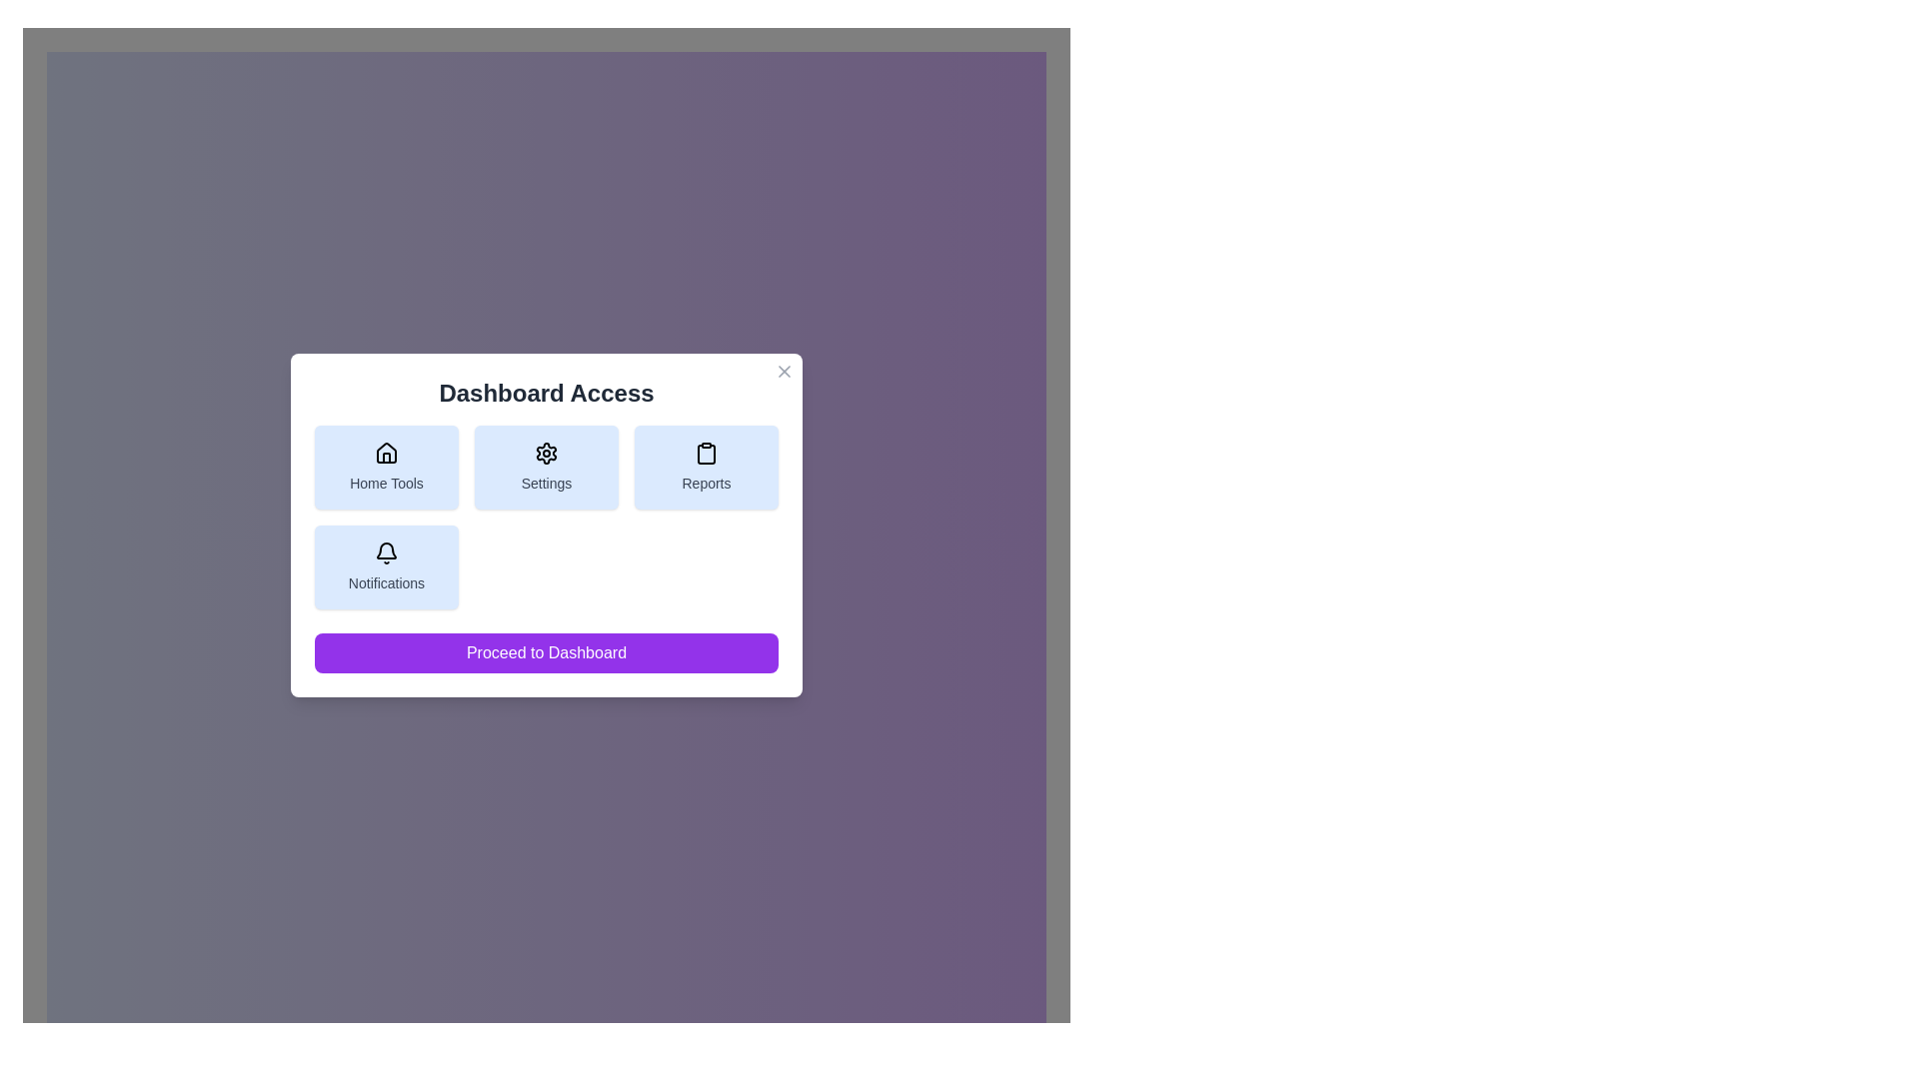  What do you see at coordinates (387, 582) in the screenshot?
I see `the 'Notifications' text element, which is a small, medium-weight grey label positioned below a bell icon on a light blue button` at bounding box center [387, 582].